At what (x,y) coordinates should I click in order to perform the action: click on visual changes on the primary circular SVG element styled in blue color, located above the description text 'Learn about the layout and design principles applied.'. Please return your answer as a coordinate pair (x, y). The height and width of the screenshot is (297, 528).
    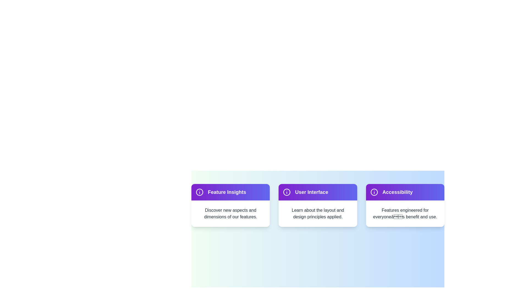
    Looking at the image, I should click on (199, 192).